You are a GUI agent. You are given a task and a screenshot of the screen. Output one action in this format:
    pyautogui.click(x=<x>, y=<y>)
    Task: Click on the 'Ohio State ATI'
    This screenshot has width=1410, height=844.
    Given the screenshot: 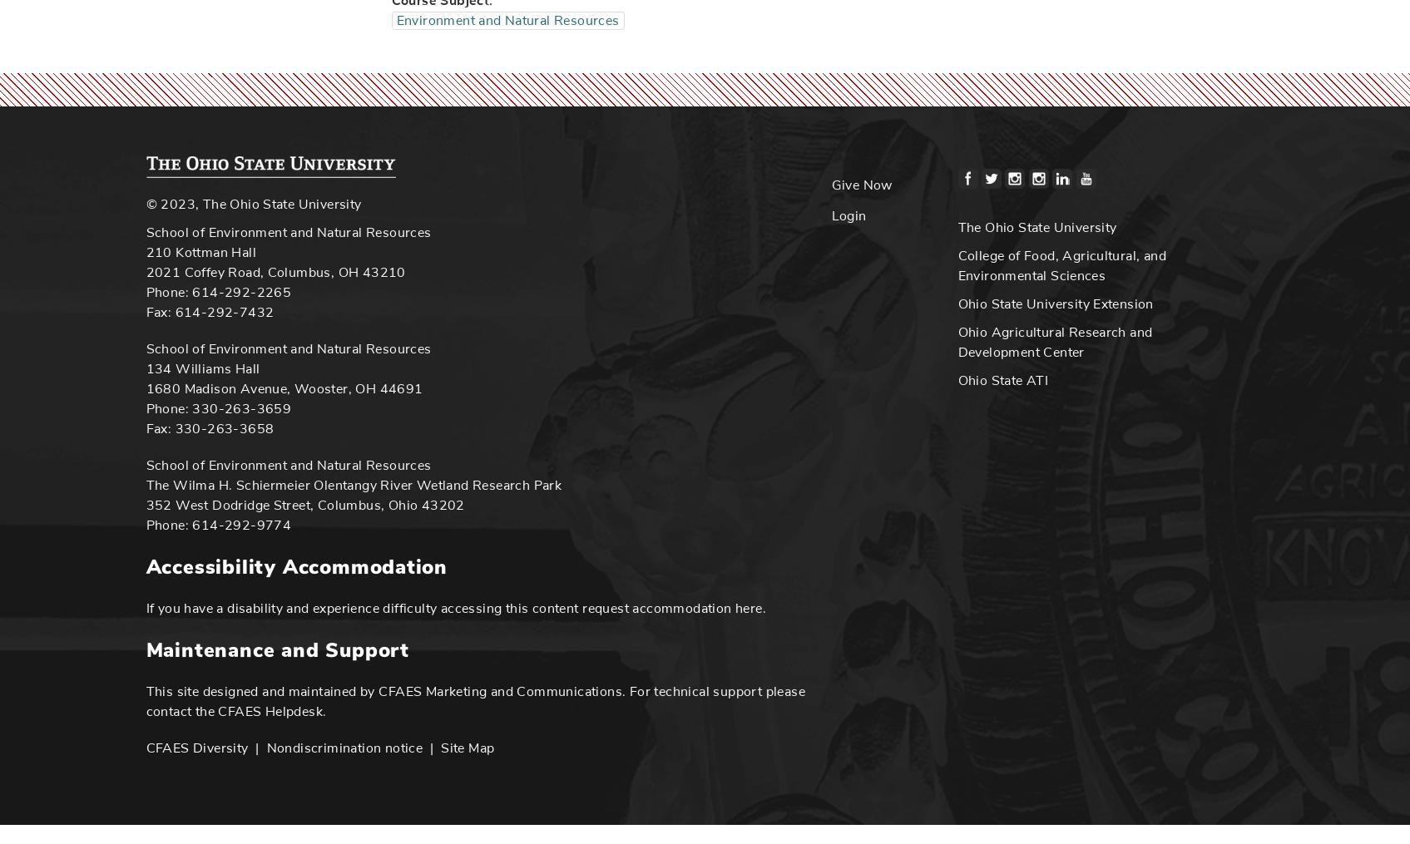 What is the action you would take?
    pyautogui.click(x=1002, y=378)
    